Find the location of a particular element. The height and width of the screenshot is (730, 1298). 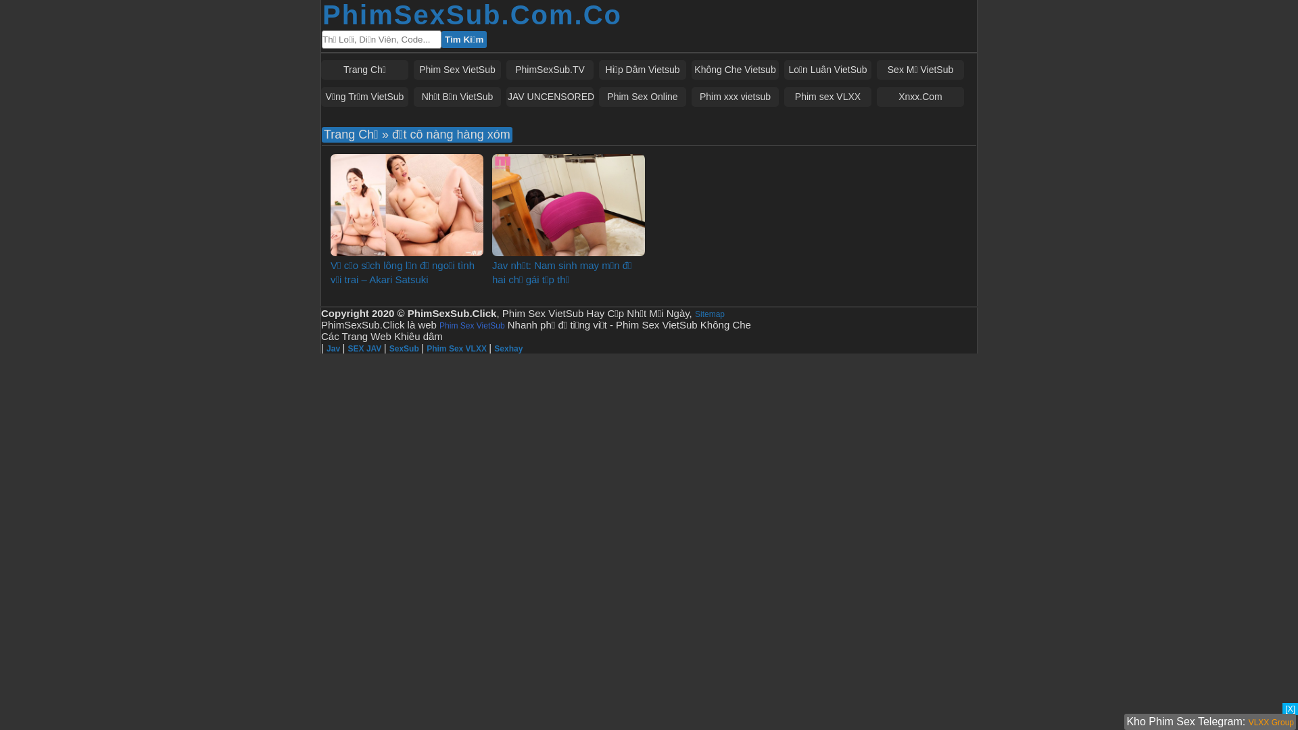

'Sexhay' is located at coordinates (508, 348).